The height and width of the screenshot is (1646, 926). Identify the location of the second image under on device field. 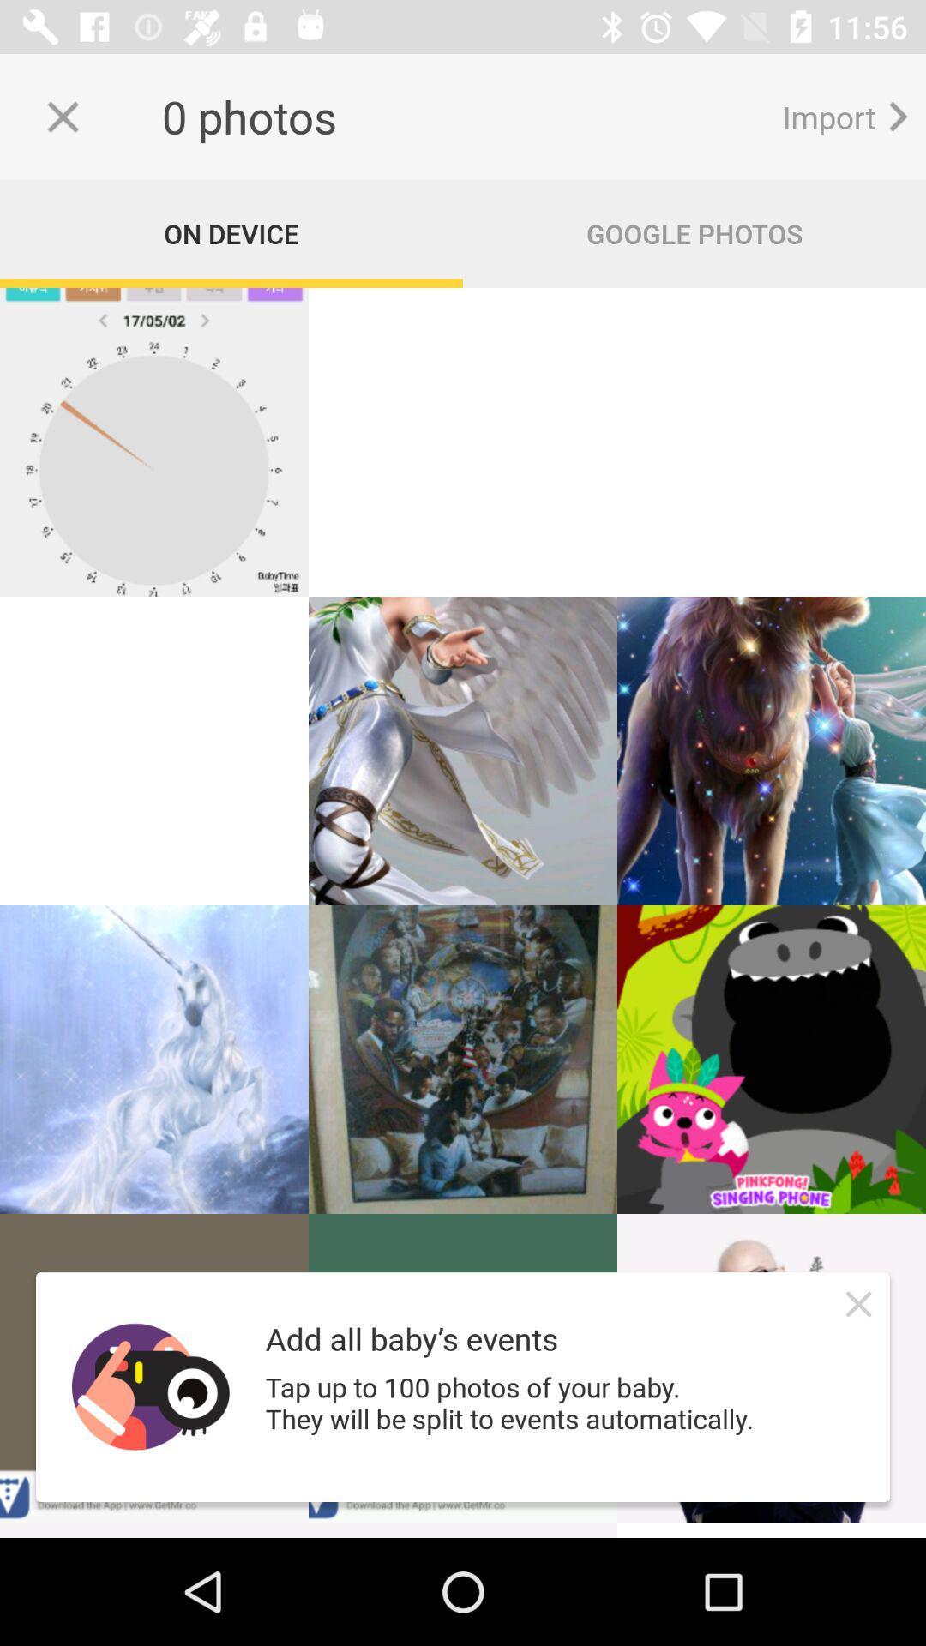
(463, 442).